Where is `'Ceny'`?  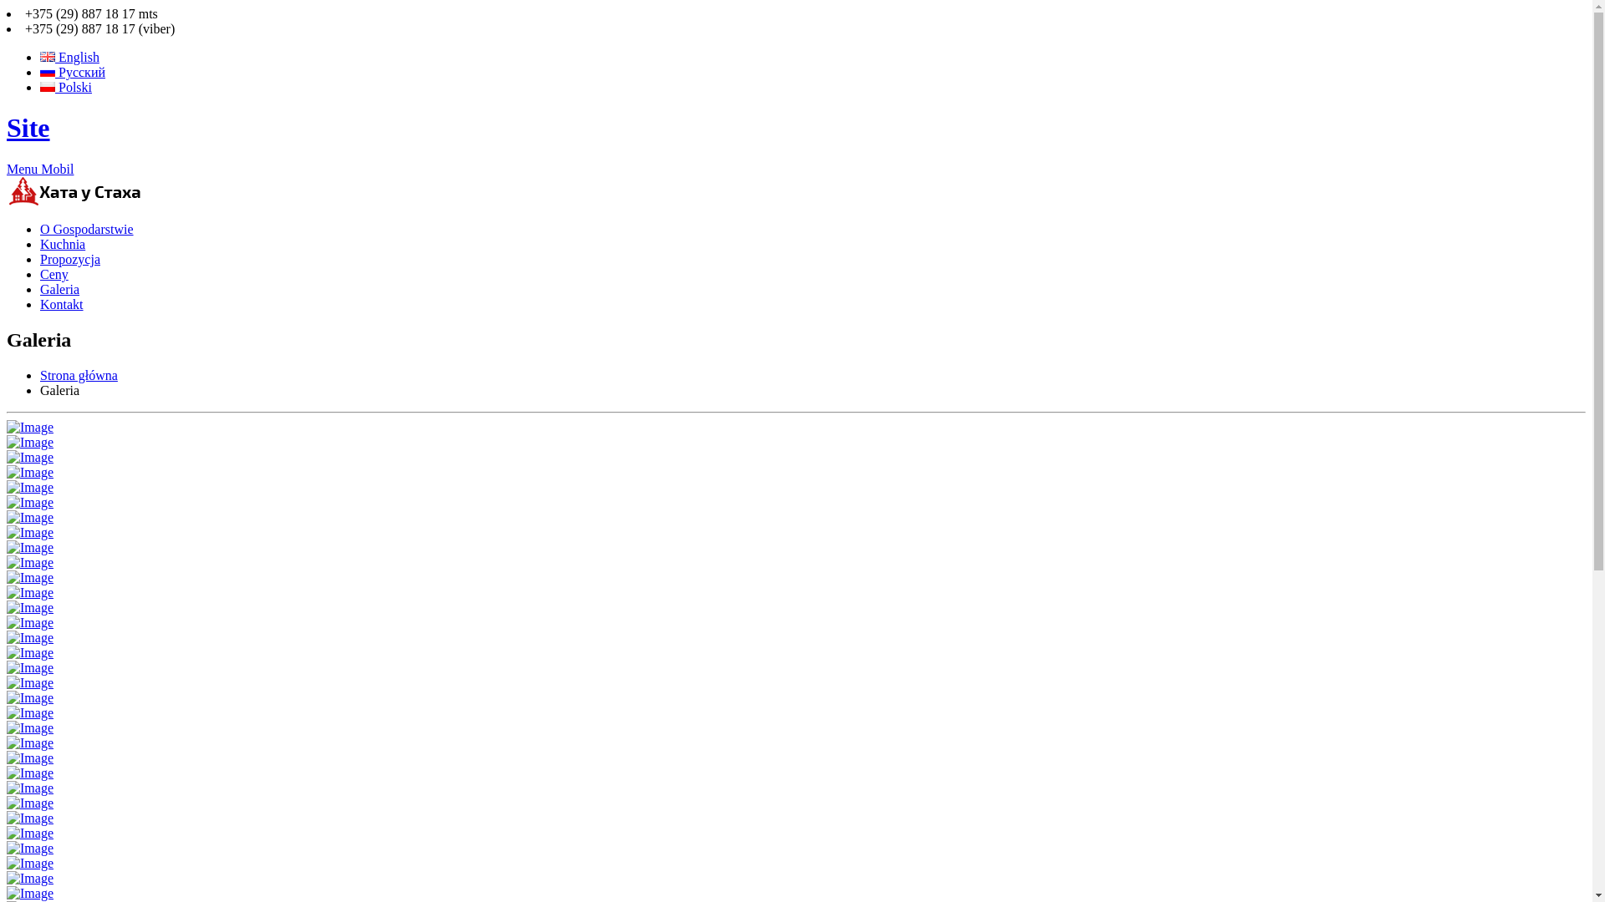 'Ceny' is located at coordinates (54, 273).